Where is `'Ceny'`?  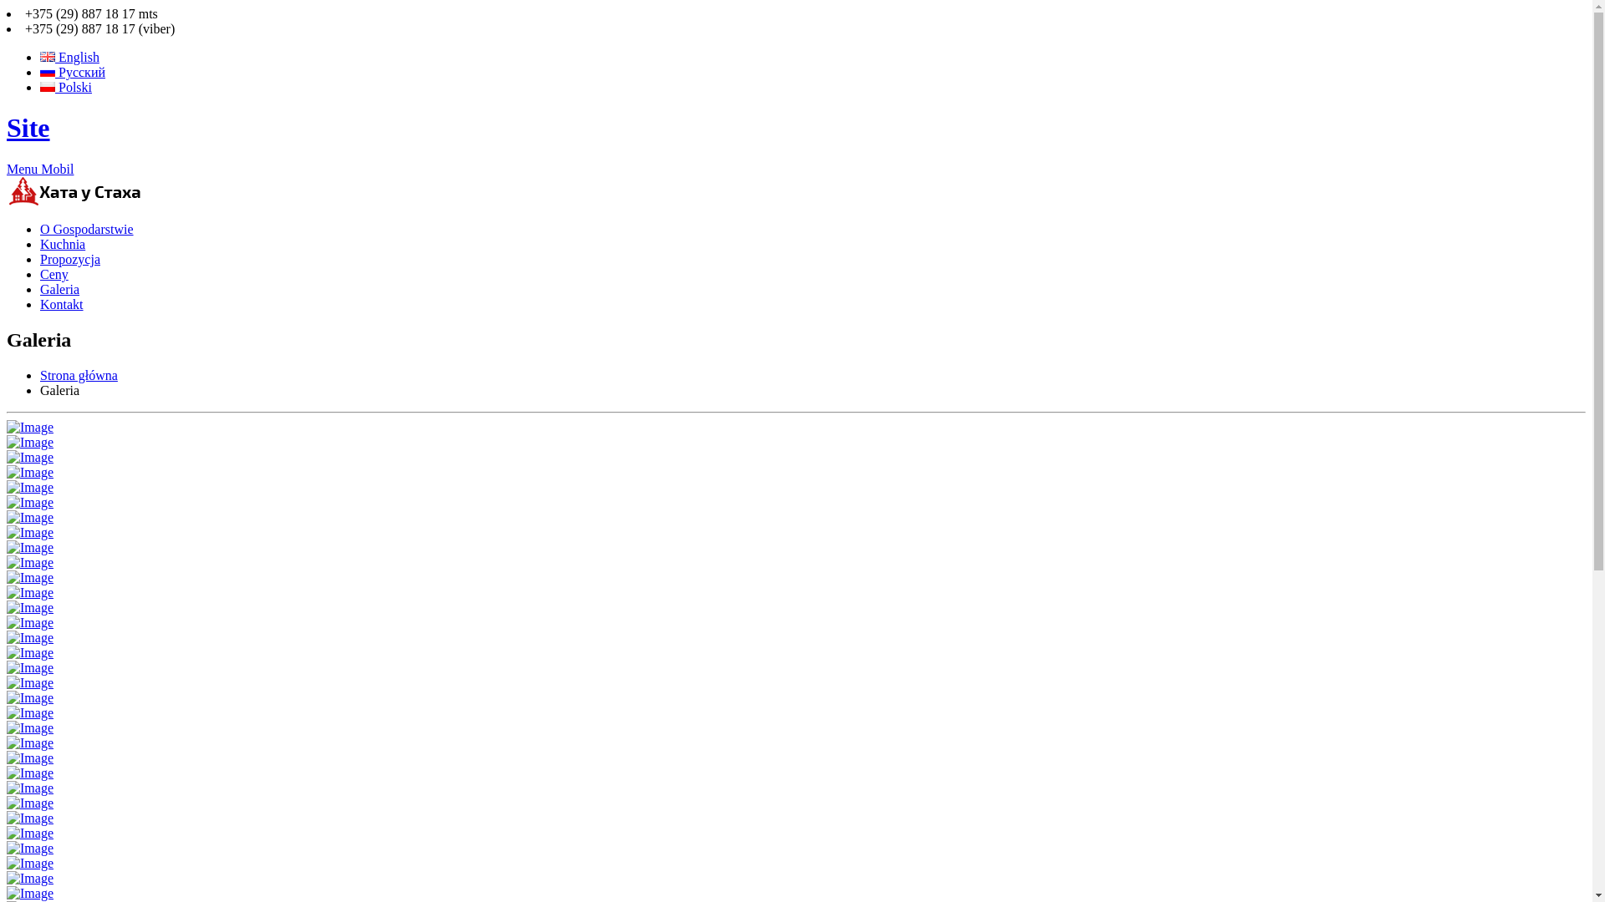 'Ceny' is located at coordinates (54, 273).